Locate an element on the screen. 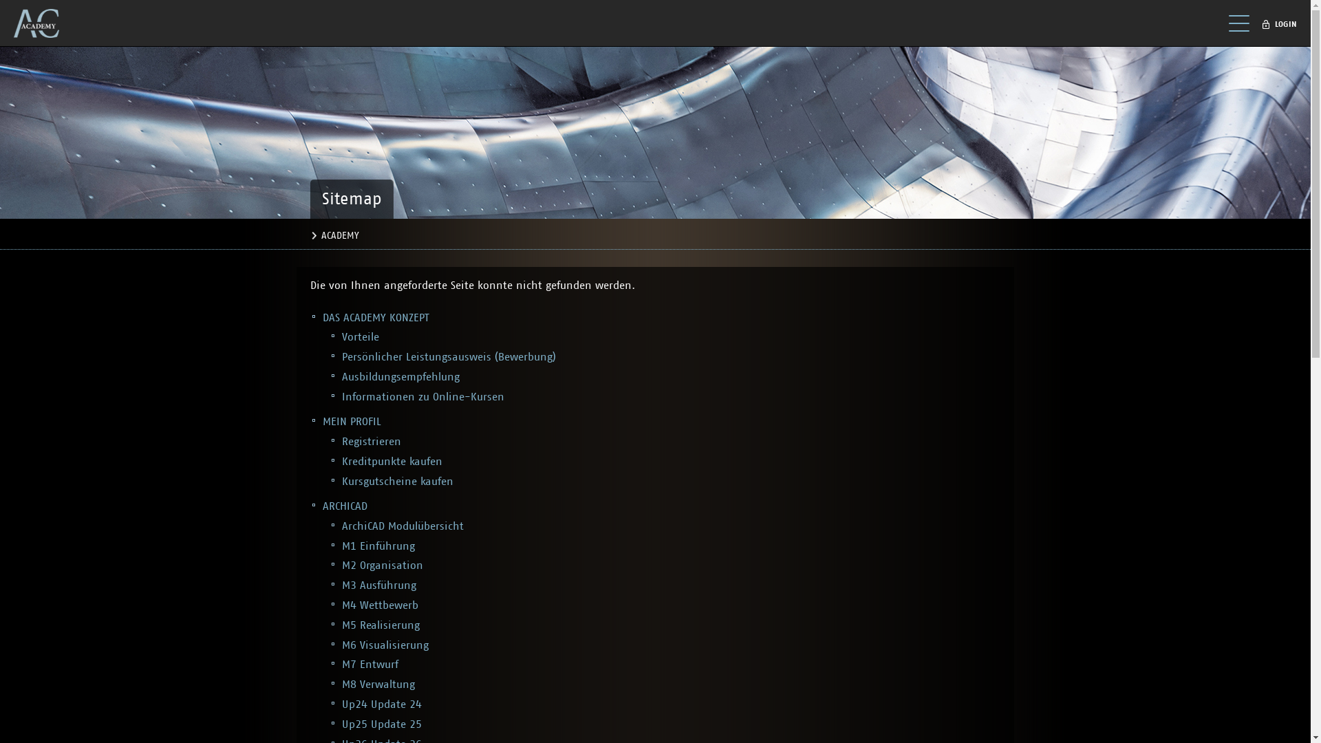 This screenshot has height=743, width=1321. 'M5 Realisierung' is located at coordinates (380, 625).